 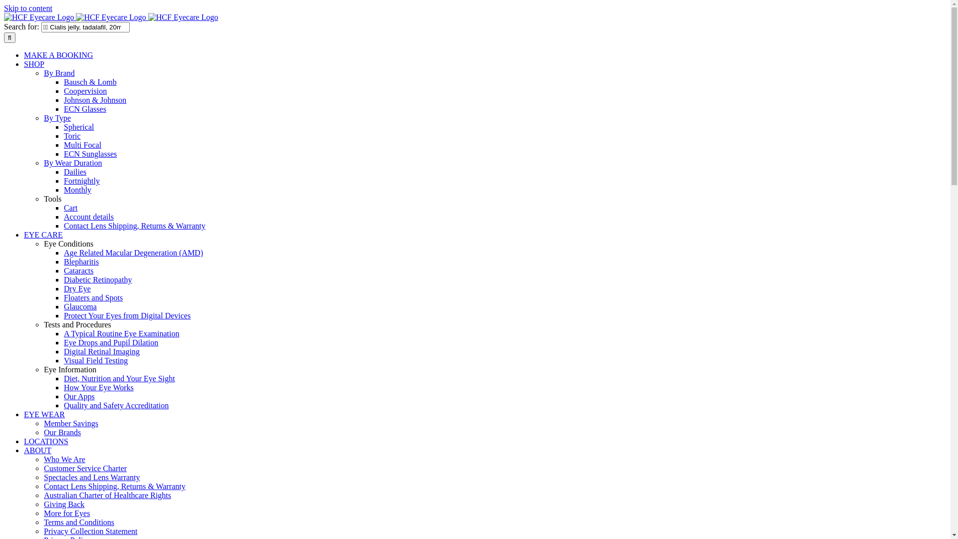 I want to click on 'Coopervision', so click(x=85, y=91).